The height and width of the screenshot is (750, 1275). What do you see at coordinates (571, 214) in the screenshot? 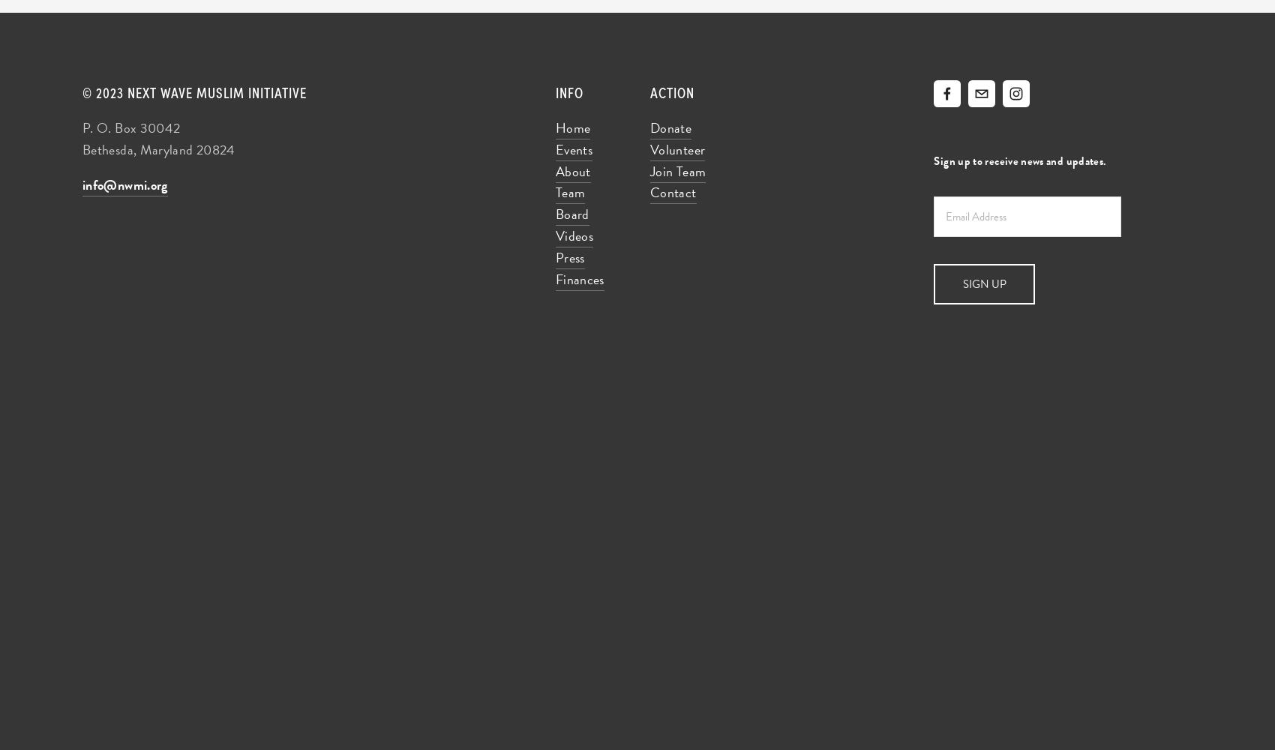
I see `'Board'` at bounding box center [571, 214].